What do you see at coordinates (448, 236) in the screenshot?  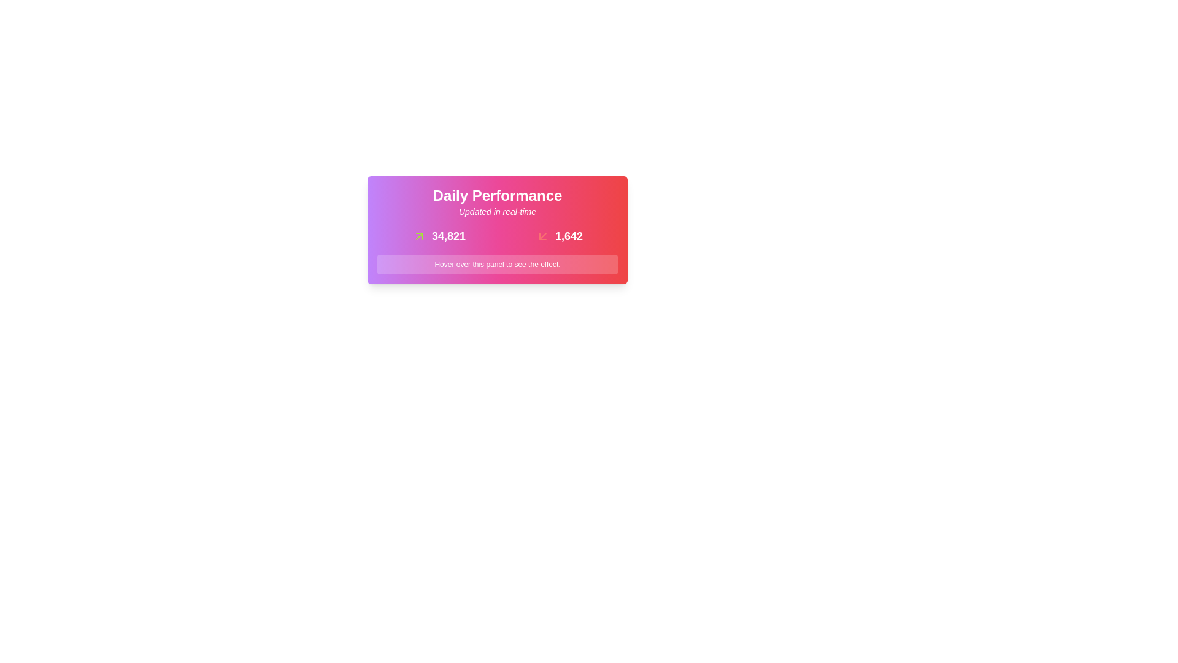 I see `displayed number '34,821' in bold font on the 'Daily Performance' panel, located to the left of the green upward arrow icon` at bounding box center [448, 236].